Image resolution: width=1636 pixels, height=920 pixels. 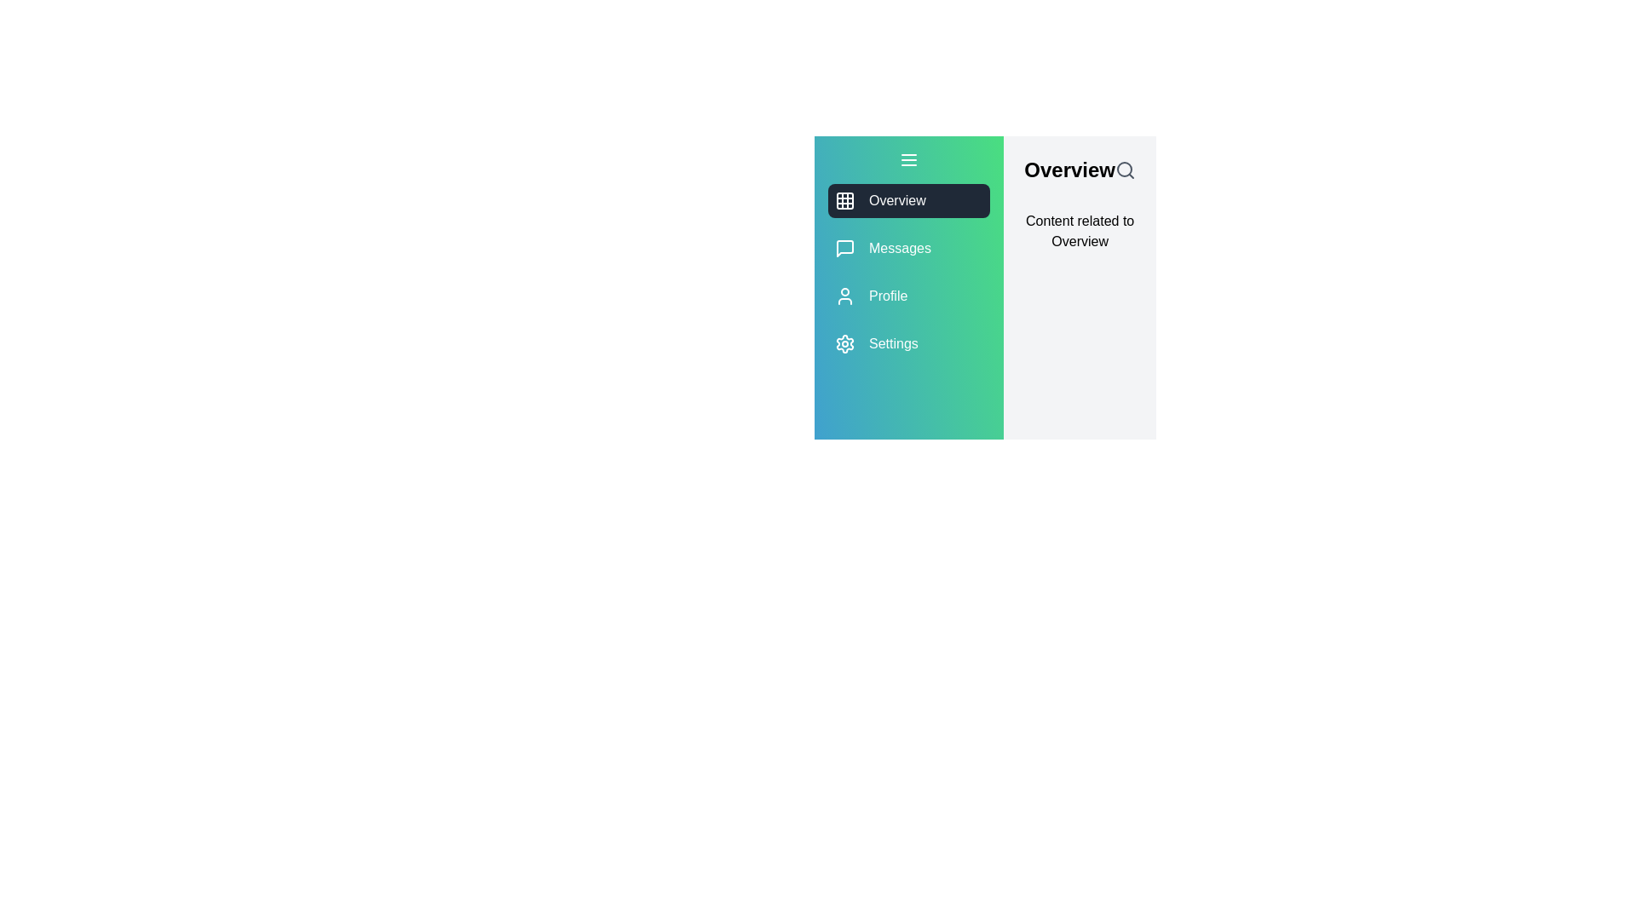 I want to click on the menu item Messages to view its hover effect, so click(x=907, y=249).